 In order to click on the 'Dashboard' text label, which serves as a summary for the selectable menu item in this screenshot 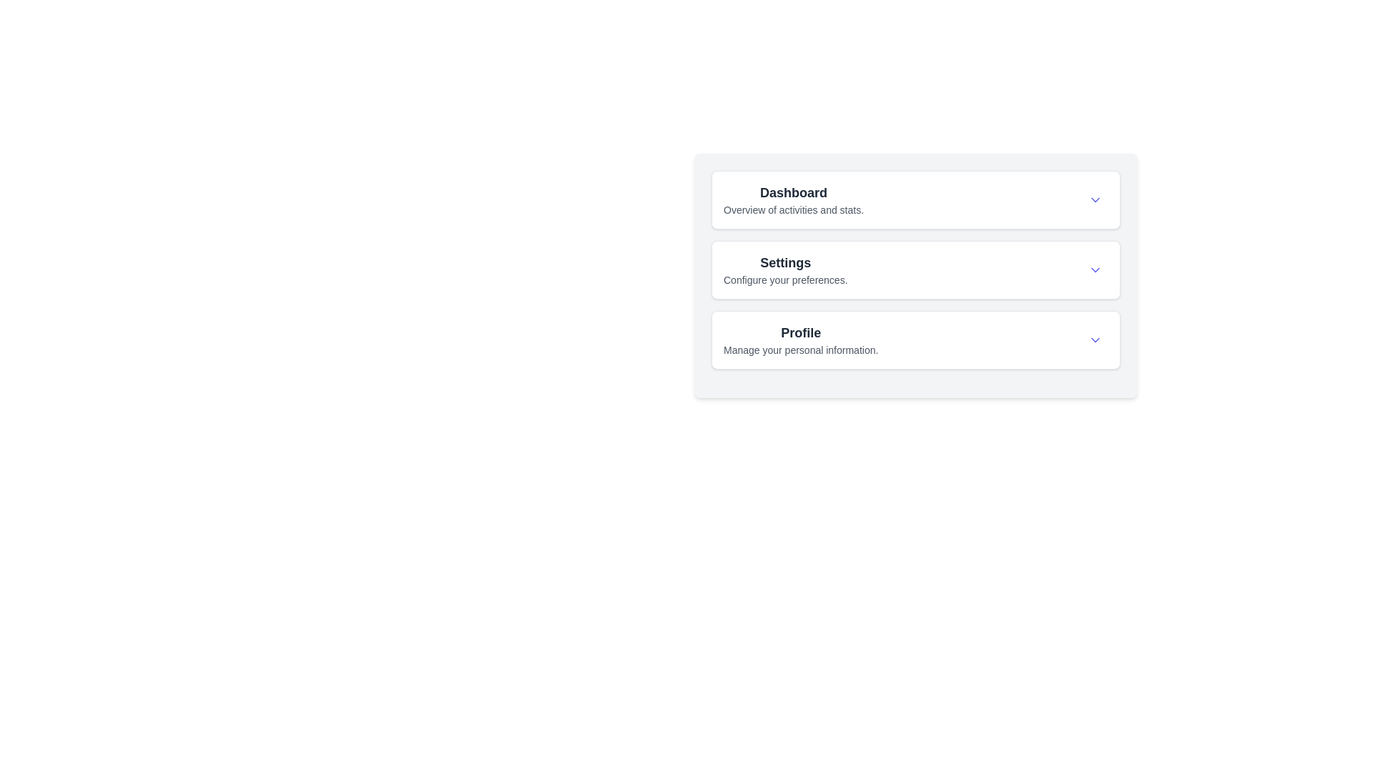, I will do `click(792, 200)`.